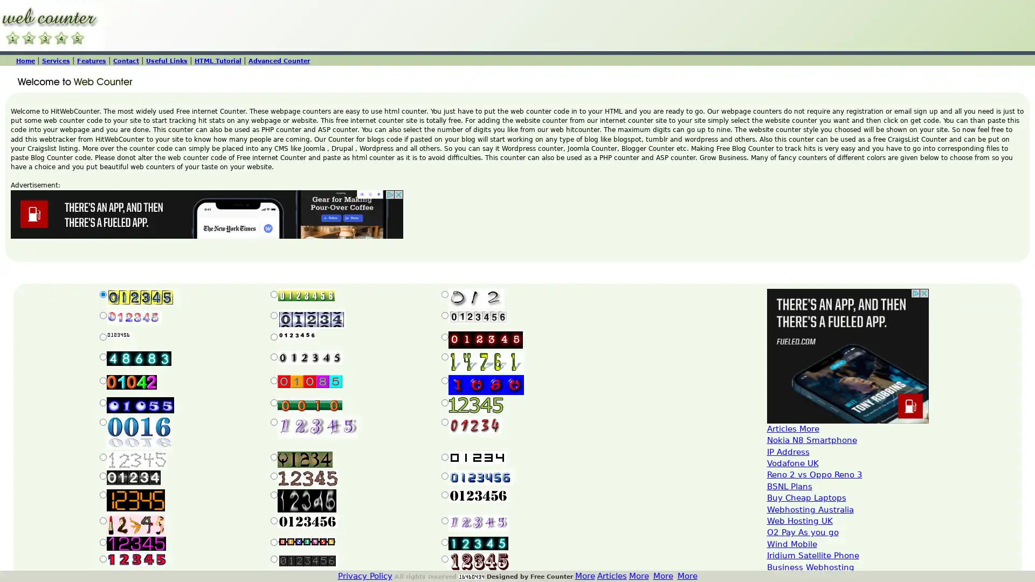 This screenshot has height=582, width=1035. Describe the element at coordinates (133, 477) in the screenshot. I see `Submit` at that location.